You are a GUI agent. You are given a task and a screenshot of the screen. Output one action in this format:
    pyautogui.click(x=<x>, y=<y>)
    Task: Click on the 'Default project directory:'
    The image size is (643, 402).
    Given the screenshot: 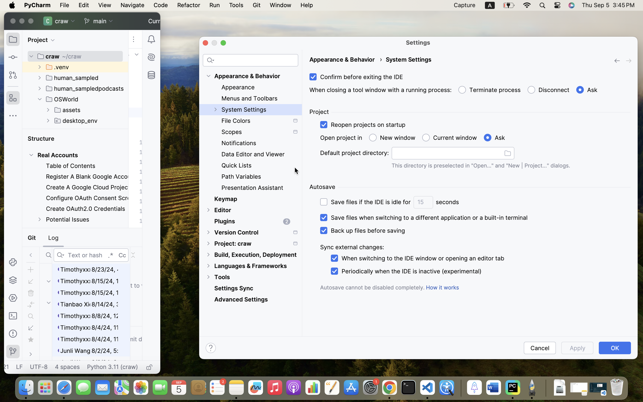 What is the action you would take?
    pyautogui.click(x=354, y=153)
    